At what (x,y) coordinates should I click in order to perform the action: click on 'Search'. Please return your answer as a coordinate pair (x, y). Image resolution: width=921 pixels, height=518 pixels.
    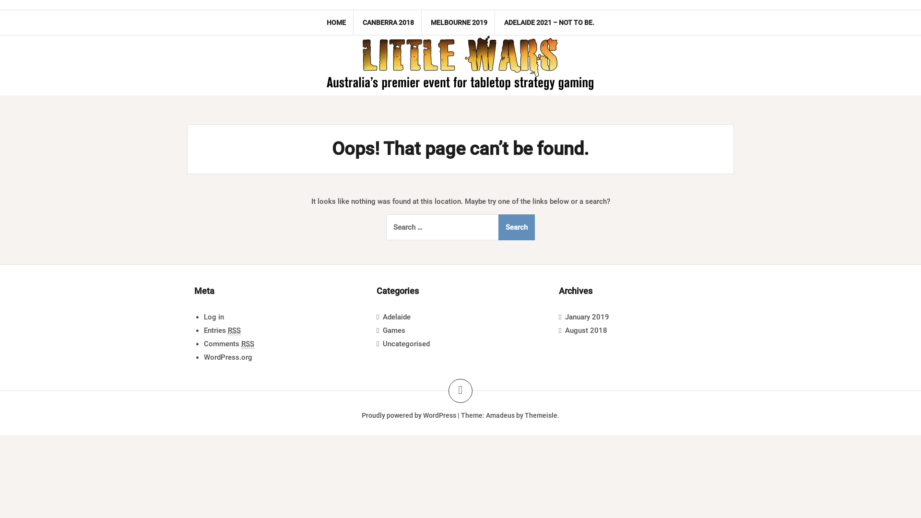
    Looking at the image, I should click on (516, 227).